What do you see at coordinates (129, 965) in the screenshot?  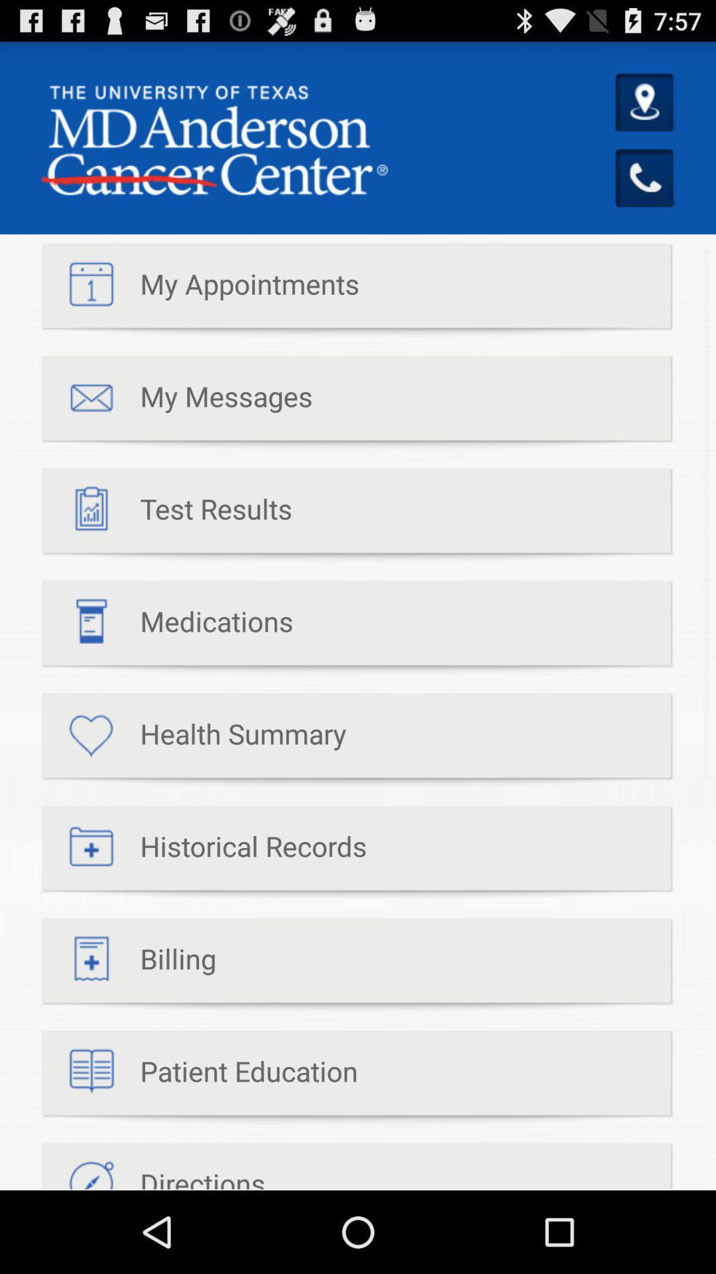 I see `billing item` at bounding box center [129, 965].